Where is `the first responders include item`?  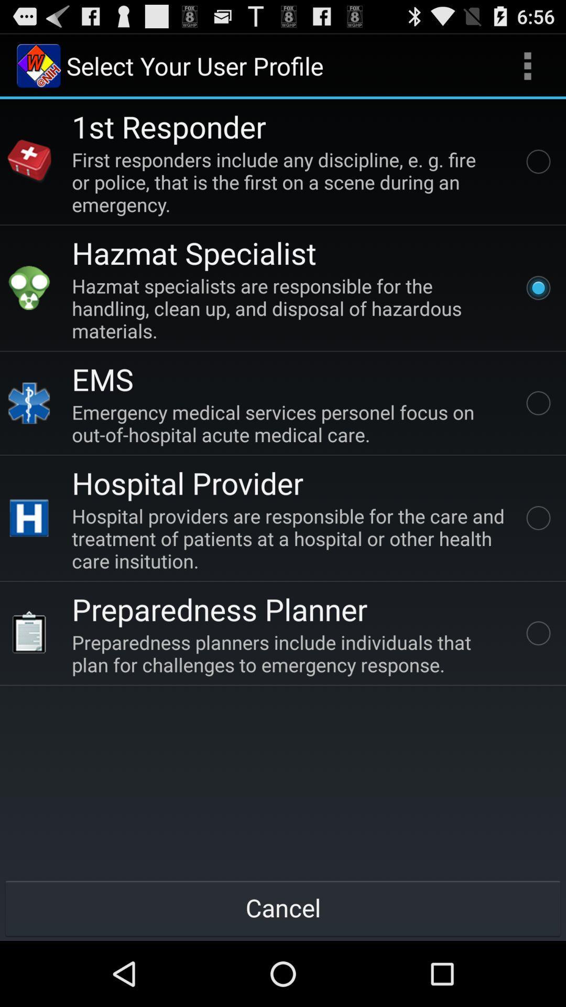 the first responders include item is located at coordinates (290, 182).